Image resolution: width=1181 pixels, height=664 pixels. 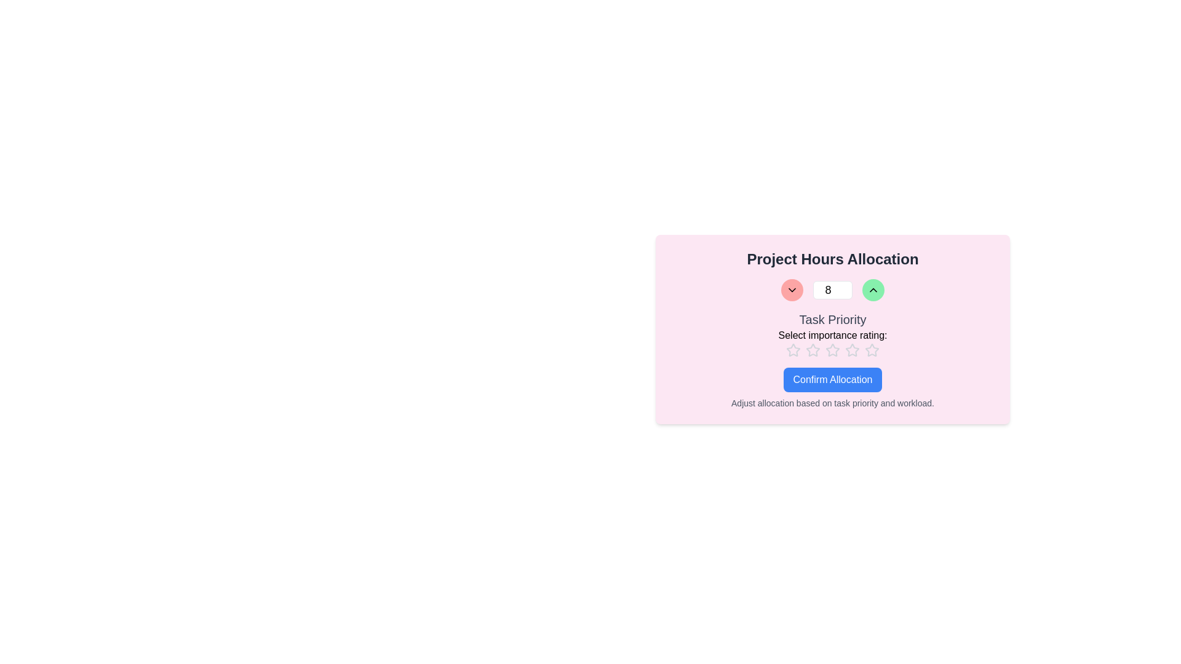 What do you see at coordinates (793, 350) in the screenshot?
I see `the second star icon with a gray outline in the rating interface` at bounding box center [793, 350].